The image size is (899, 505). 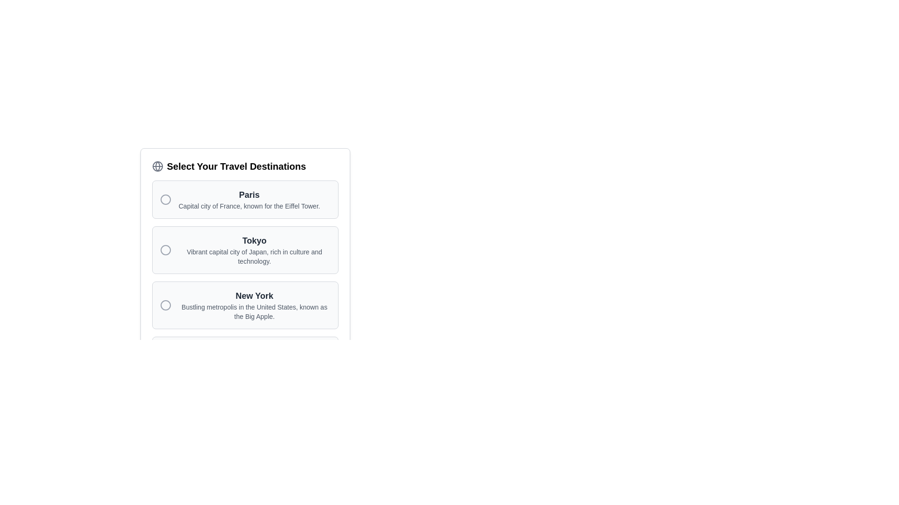 I want to click on the Text Label for the Tokyo travel destination option, so click(x=254, y=240).